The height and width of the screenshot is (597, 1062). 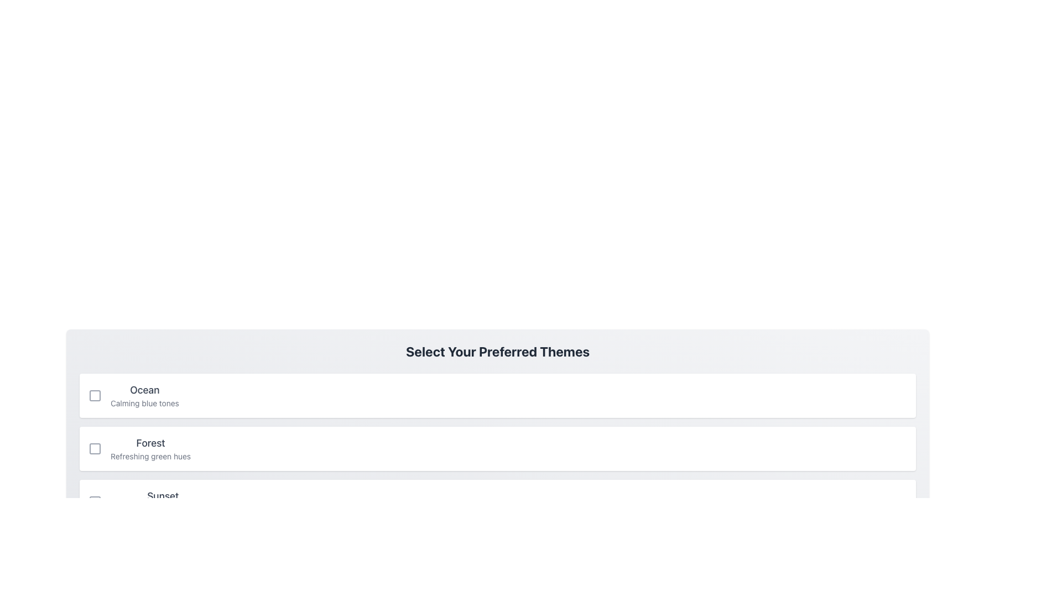 I want to click on the text label indicating the theme name 'Ocean' which serves as the title for a selectable theme, so click(x=144, y=389).